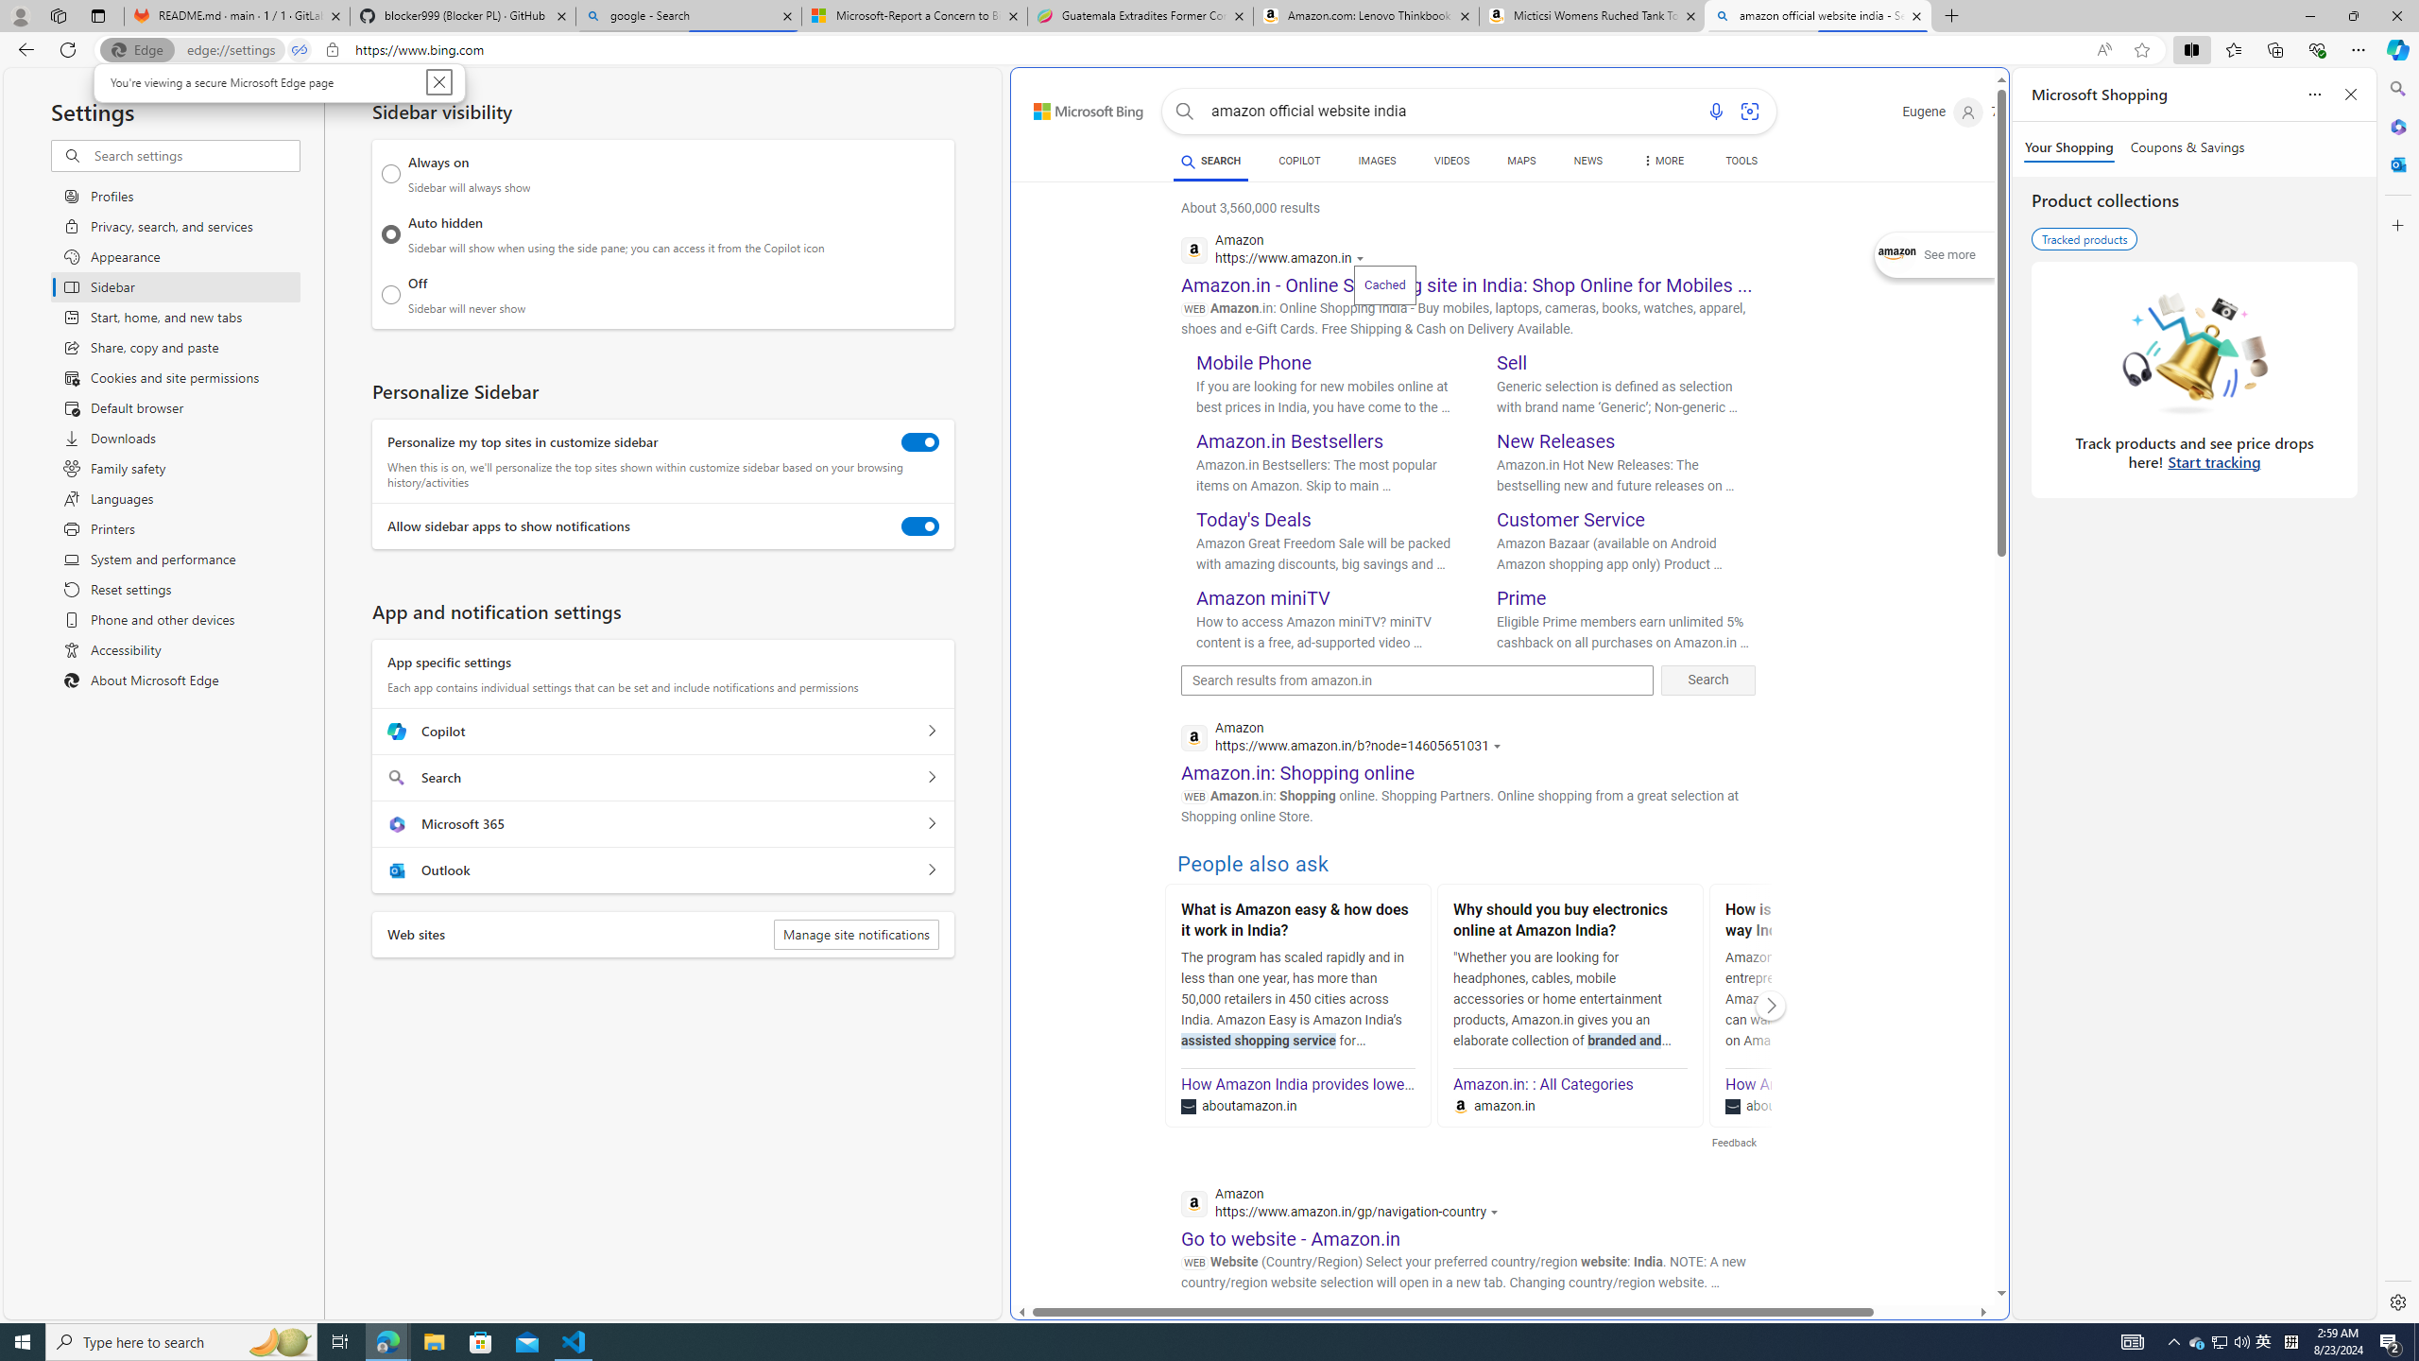  Describe the element at coordinates (2018, 112) in the screenshot. I see `'Microsoft Rewards 72'` at that location.